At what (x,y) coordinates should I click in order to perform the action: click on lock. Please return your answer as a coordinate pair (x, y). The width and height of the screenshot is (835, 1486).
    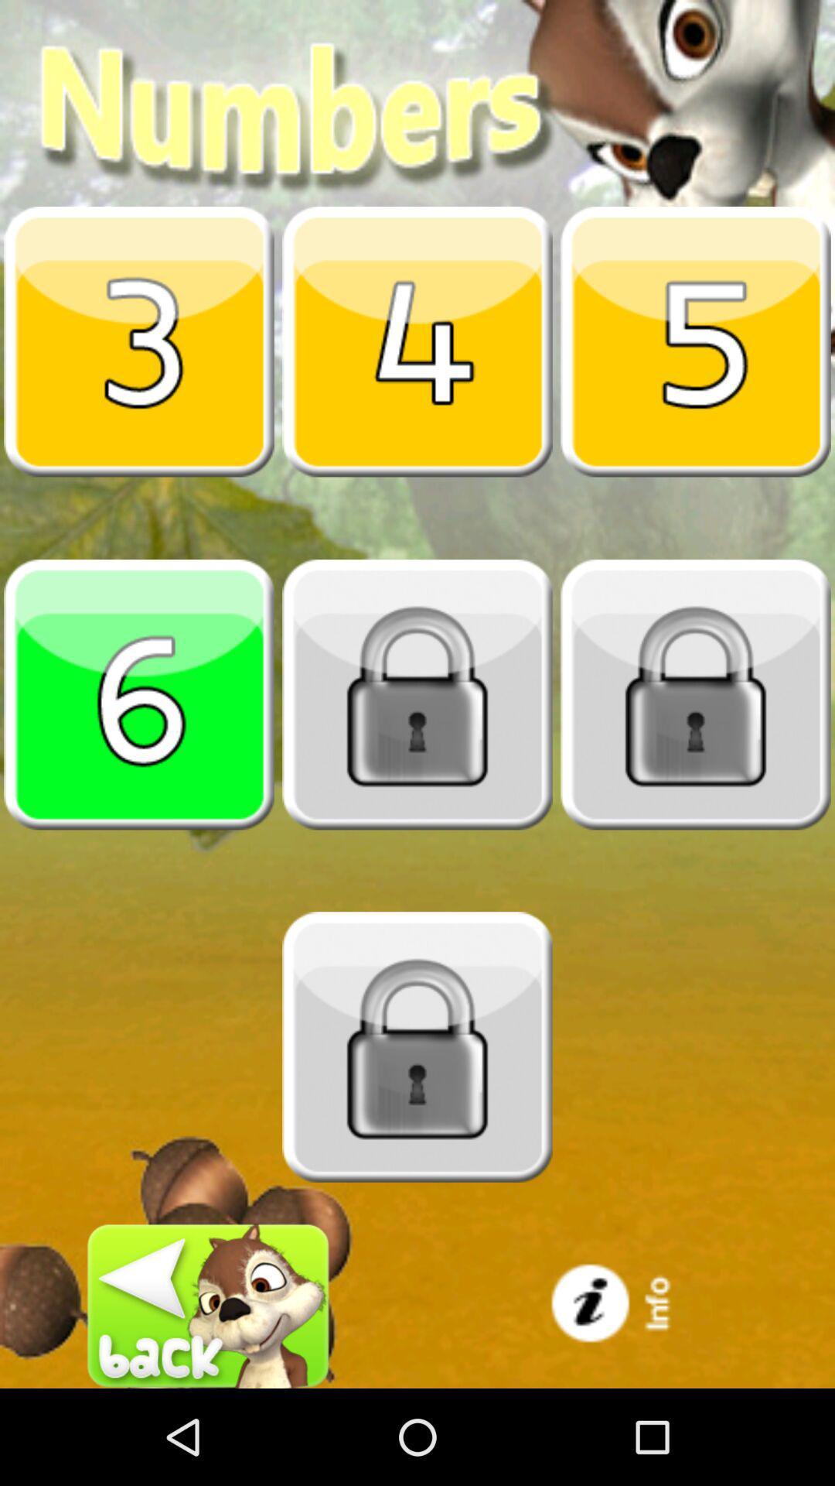
    Looking at the image, I should click on (417, 693).